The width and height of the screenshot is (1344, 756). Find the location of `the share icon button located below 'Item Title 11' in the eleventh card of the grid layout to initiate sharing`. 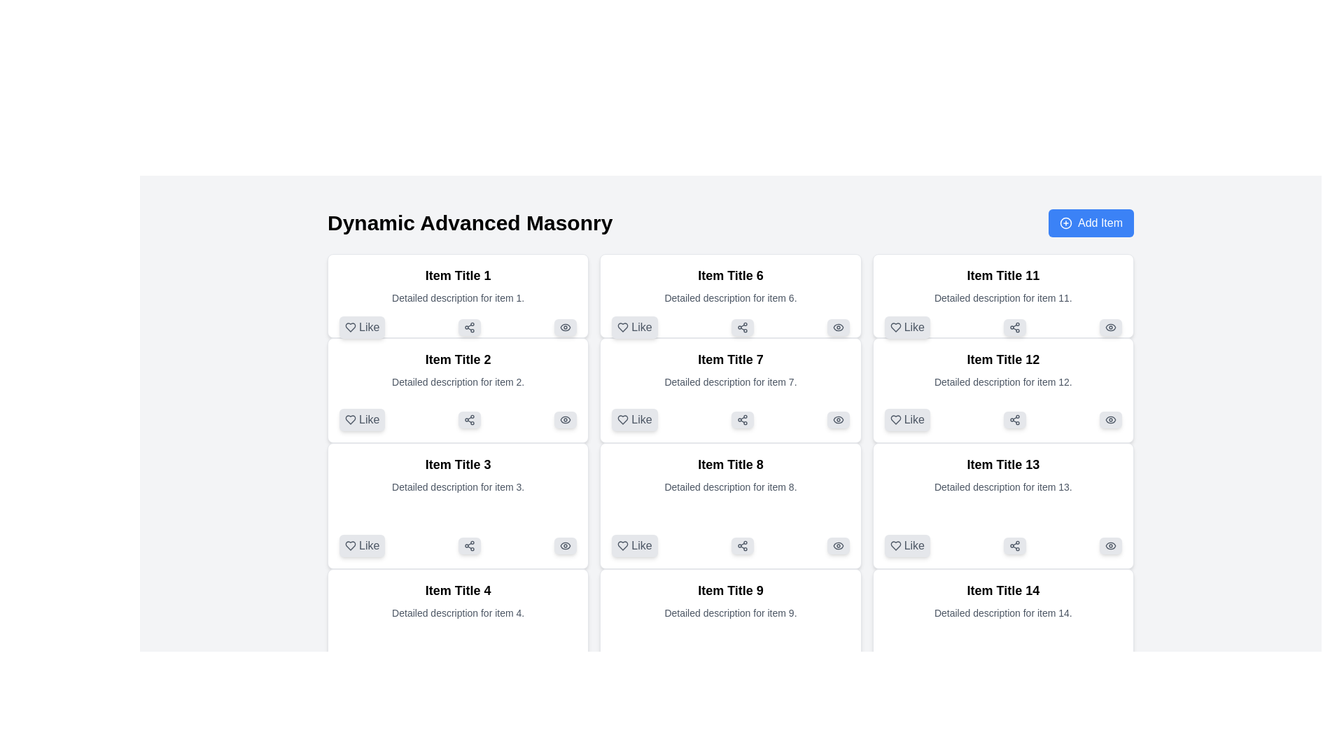

the share icon button located below 'Item Title 11' in the eleventh card of the grid layout to initiate sharing is located at coordinates (1002, 327).